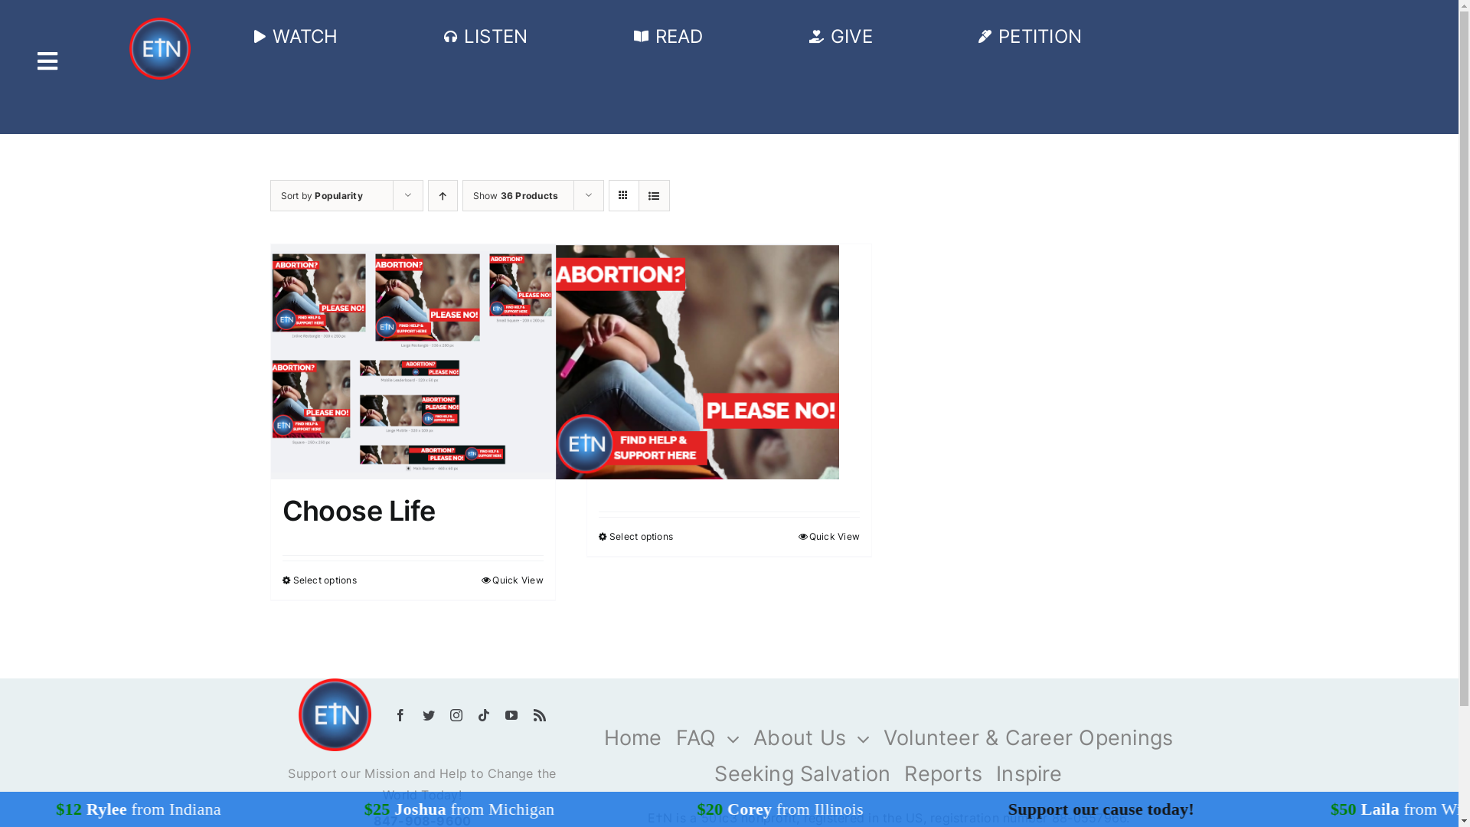  Describe the element at coordinates (436, 35) in the screenshot. I see `'LISTEN'` at that location.